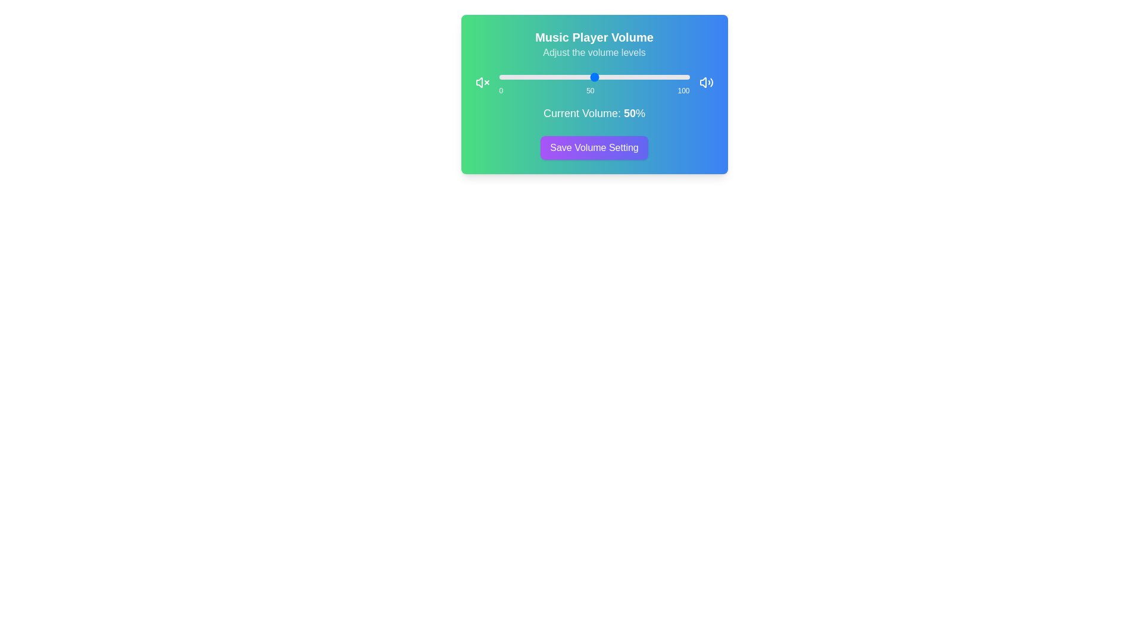 The width and height of the screenshot is (1143, 642). What do you see at coordinates (499, 77) in the screenshot?
I see `the slider to set the volume to 0%` at bounding box center [499, 77].